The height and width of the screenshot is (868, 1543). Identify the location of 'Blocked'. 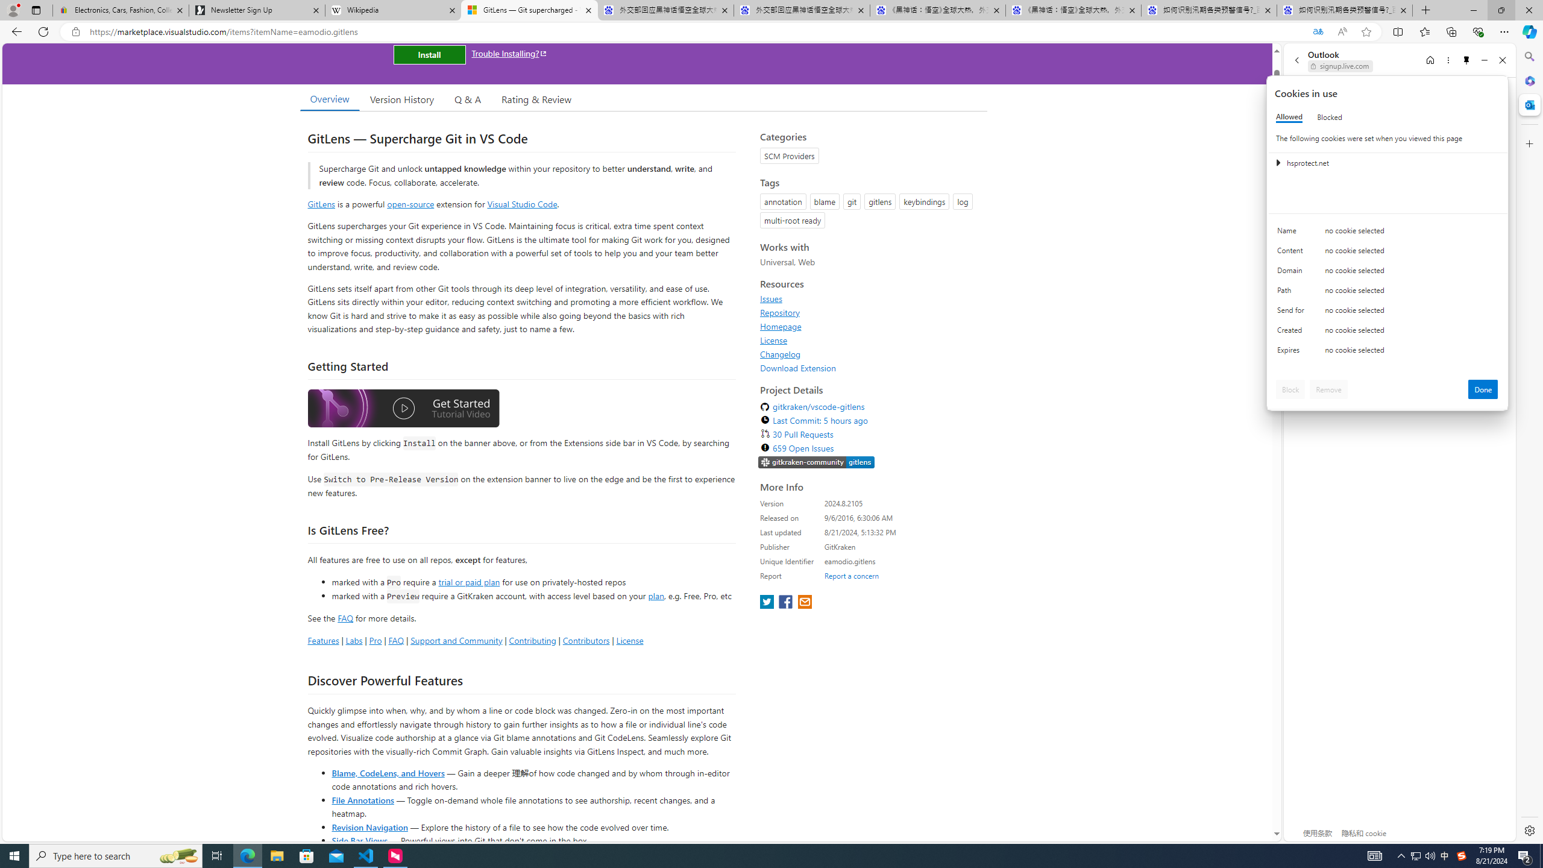
(1329, 117).